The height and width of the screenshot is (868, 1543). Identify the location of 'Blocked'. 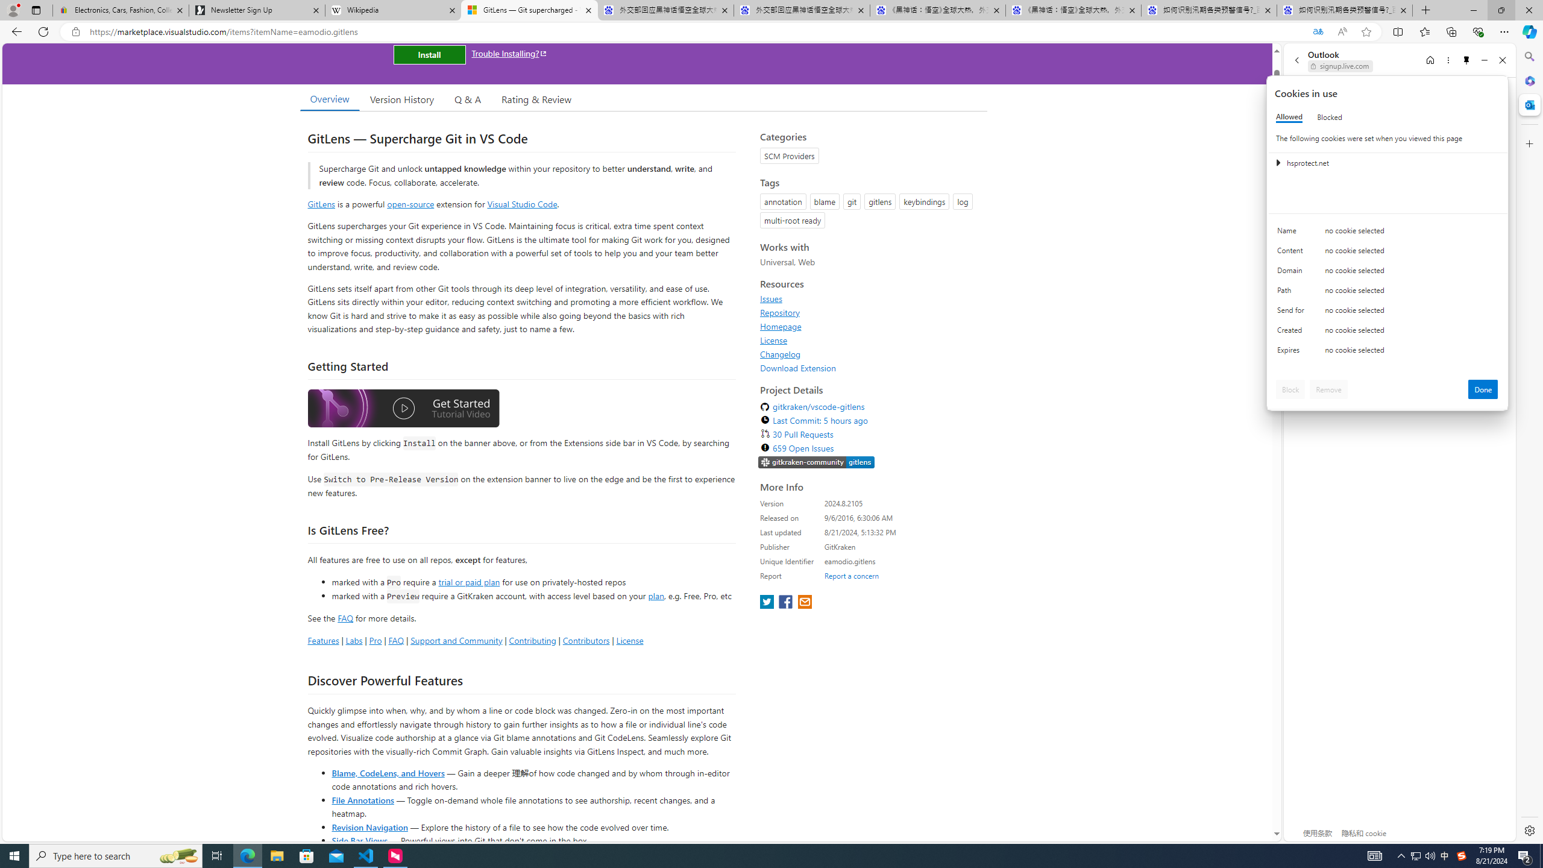
(1329, 117).